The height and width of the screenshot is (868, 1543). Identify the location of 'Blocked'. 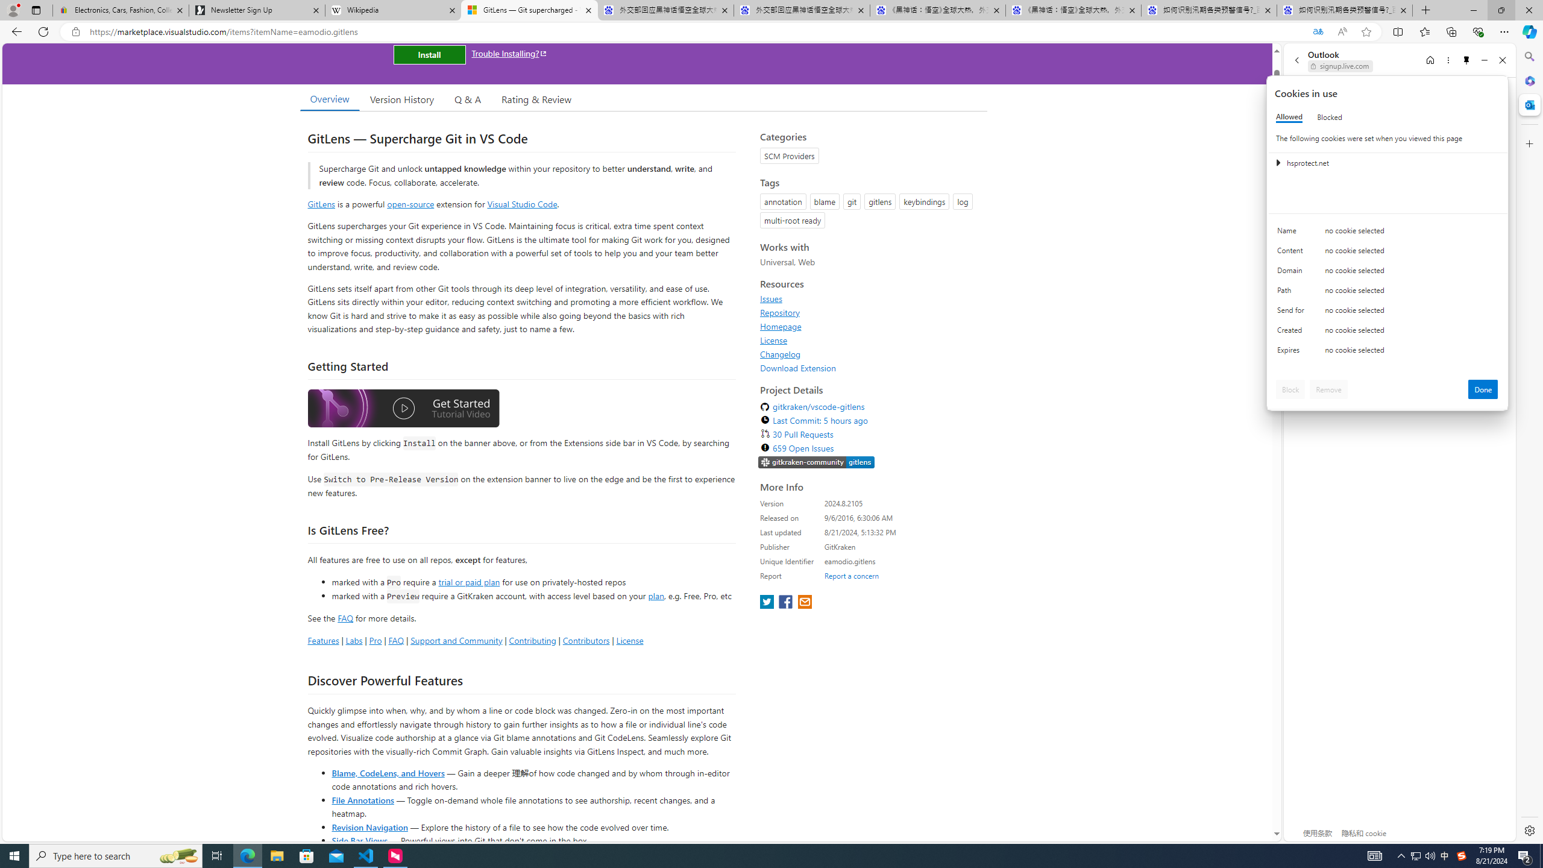
(1329, 117).